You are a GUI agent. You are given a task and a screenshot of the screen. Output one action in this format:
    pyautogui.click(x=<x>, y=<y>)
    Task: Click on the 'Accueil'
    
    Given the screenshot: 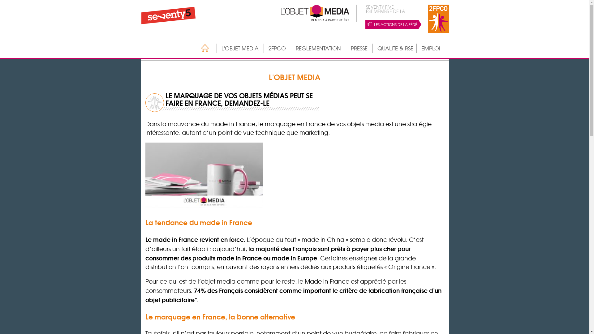 What is the action you would take?
    pyautogui.click(x=202, y=48)
    